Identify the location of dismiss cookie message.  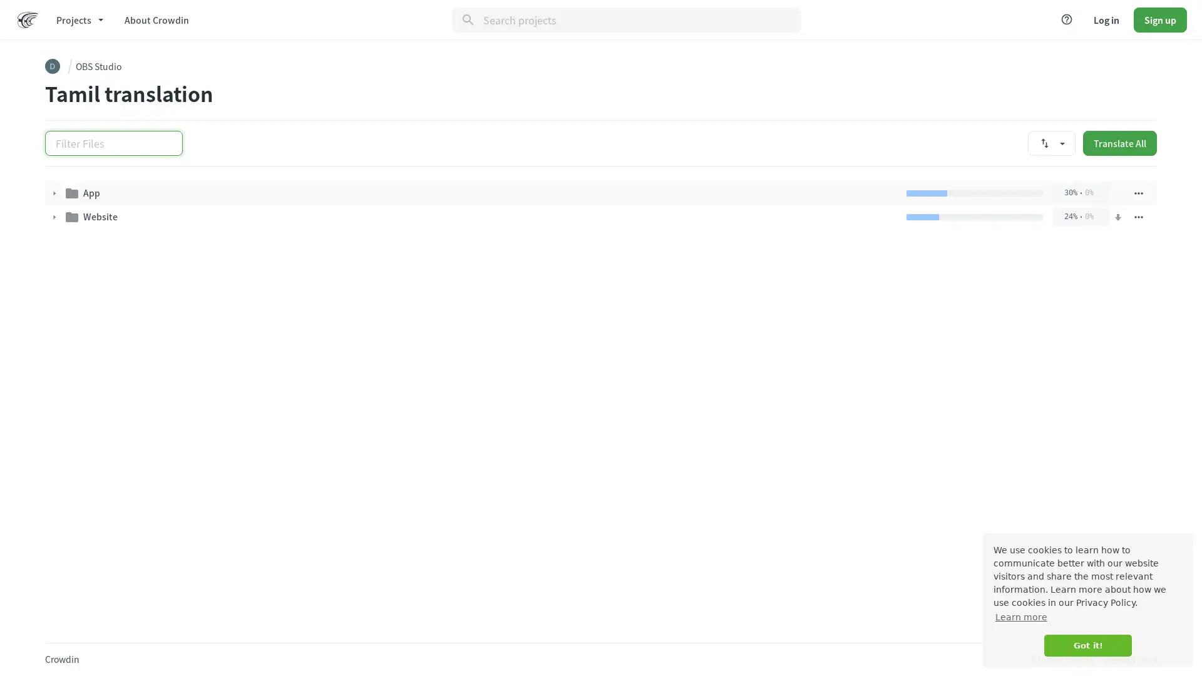
(1087, 645).